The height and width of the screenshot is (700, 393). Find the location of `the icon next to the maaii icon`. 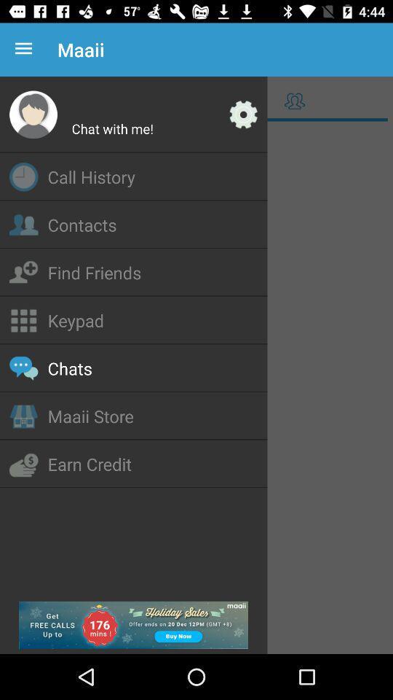

the icon next to the maaii icon is located at coordinates (26, 50).